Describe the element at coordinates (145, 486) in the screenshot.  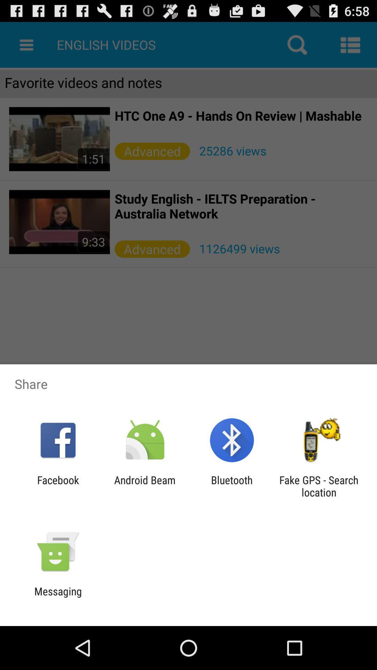
I see `android beam item` at that location.